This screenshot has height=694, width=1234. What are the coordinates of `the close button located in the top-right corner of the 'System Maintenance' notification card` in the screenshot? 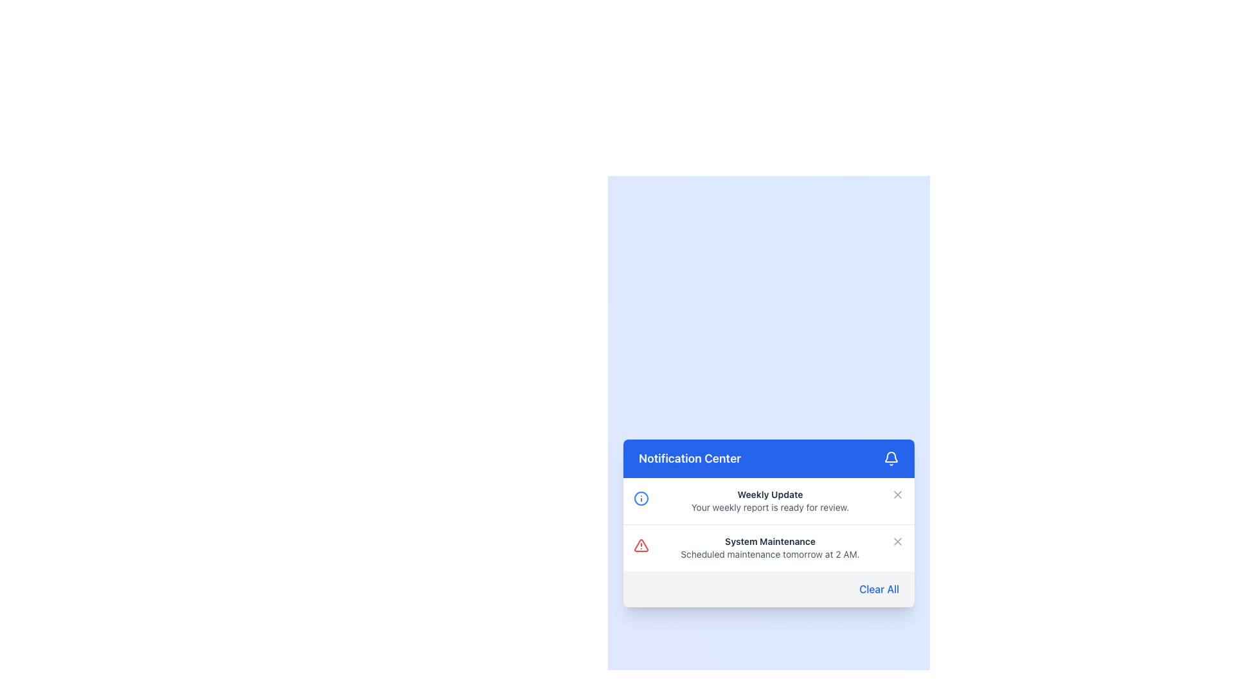 It's located at (897, 540).